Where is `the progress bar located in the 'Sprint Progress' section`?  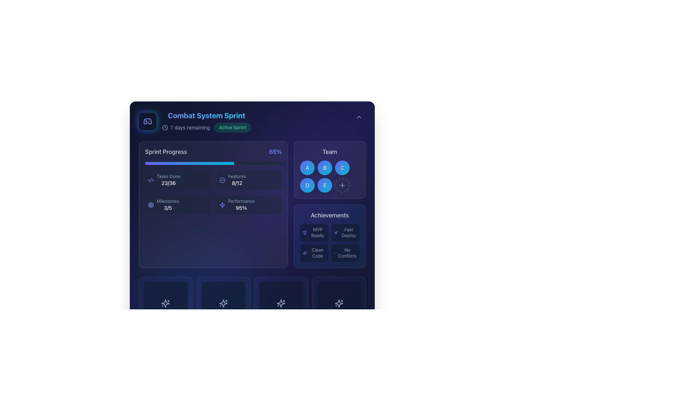 the progress bar located in the 'Sprint Progress' section is located at coordinates (213, 163).